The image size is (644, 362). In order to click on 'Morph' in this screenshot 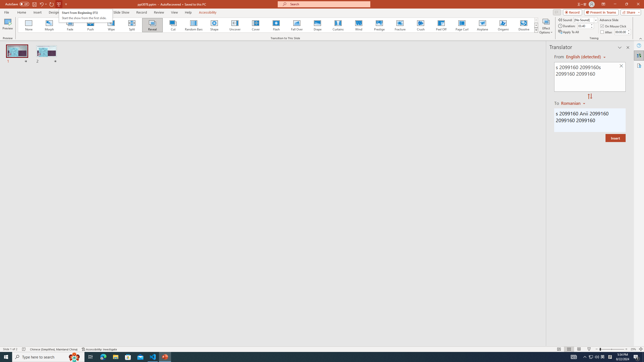, I will do `click(49, 25)`.